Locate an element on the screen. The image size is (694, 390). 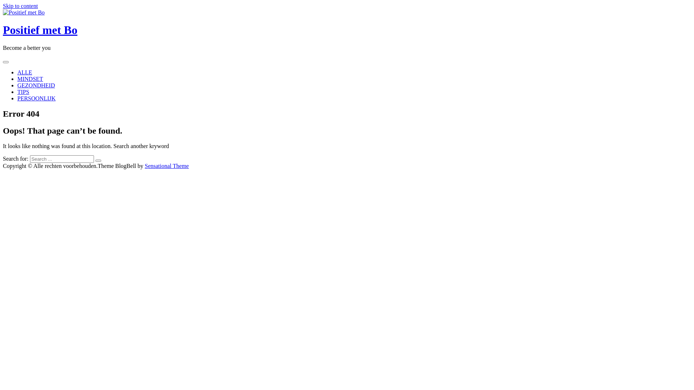
'TIPS' is located at coordinates (23, 91).